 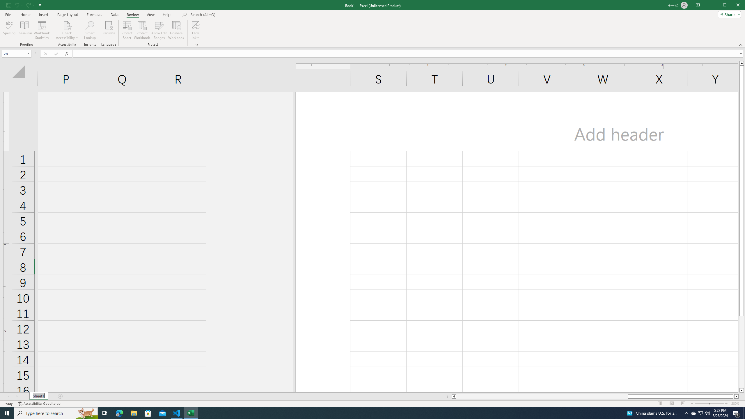 What do you see at coordinates (108, 30) in the screenshot?
I see `'Translate'` at bounding box center [108, 30].